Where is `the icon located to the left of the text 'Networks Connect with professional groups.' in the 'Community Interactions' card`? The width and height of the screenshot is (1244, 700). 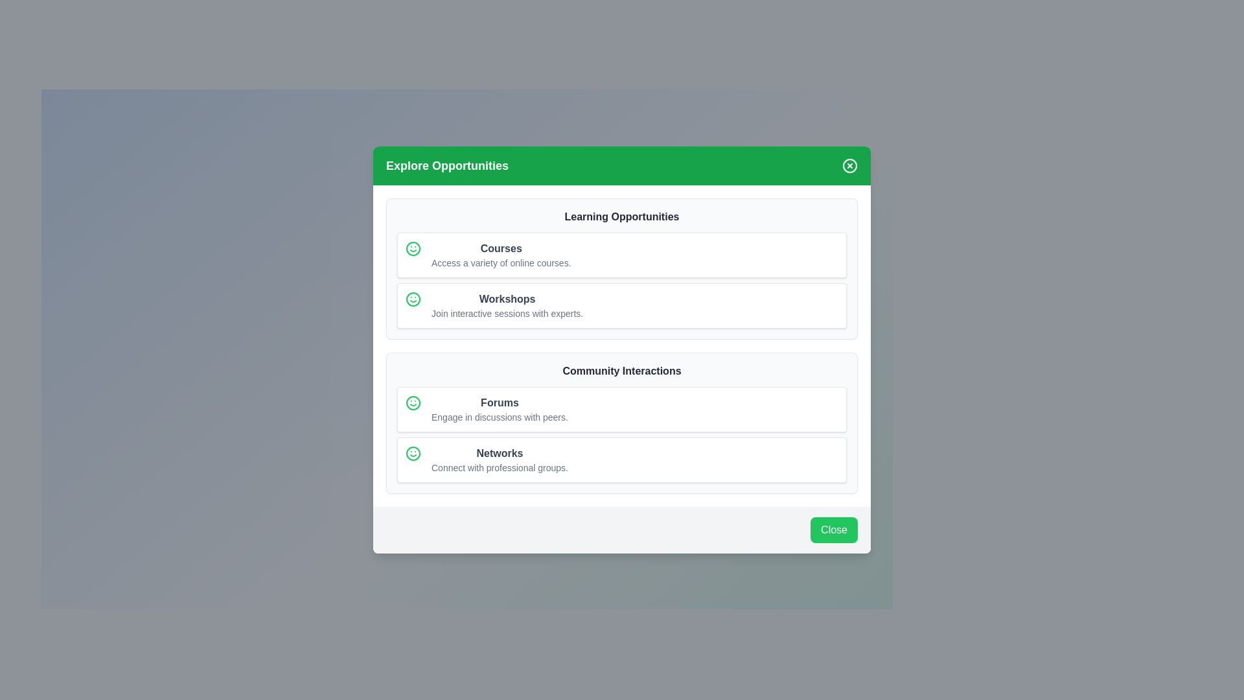 the icon located to the left of the text 'Networks Connect with professional groups.' in the 'Community Interactions' card is located at coordinates (413, 452).